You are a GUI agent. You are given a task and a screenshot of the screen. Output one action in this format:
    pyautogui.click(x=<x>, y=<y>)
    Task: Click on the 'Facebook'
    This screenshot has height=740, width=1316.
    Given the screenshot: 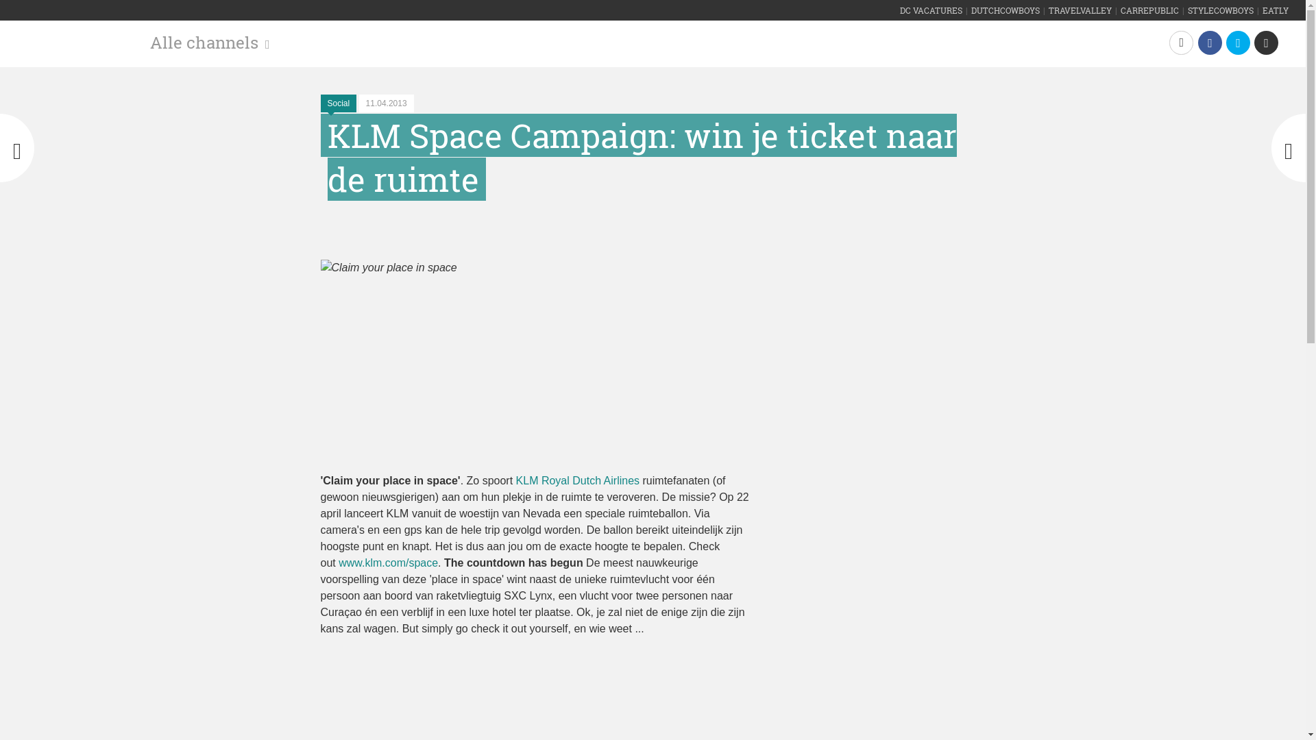 What is the action you would take?
    pyautogui.click(x=1210, y=42)
    